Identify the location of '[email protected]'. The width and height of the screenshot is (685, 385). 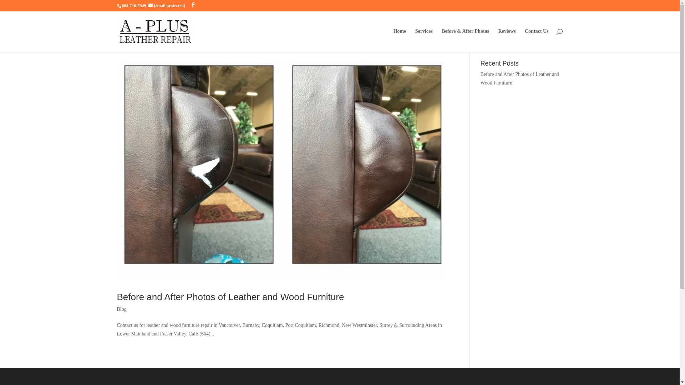
(169, 5).